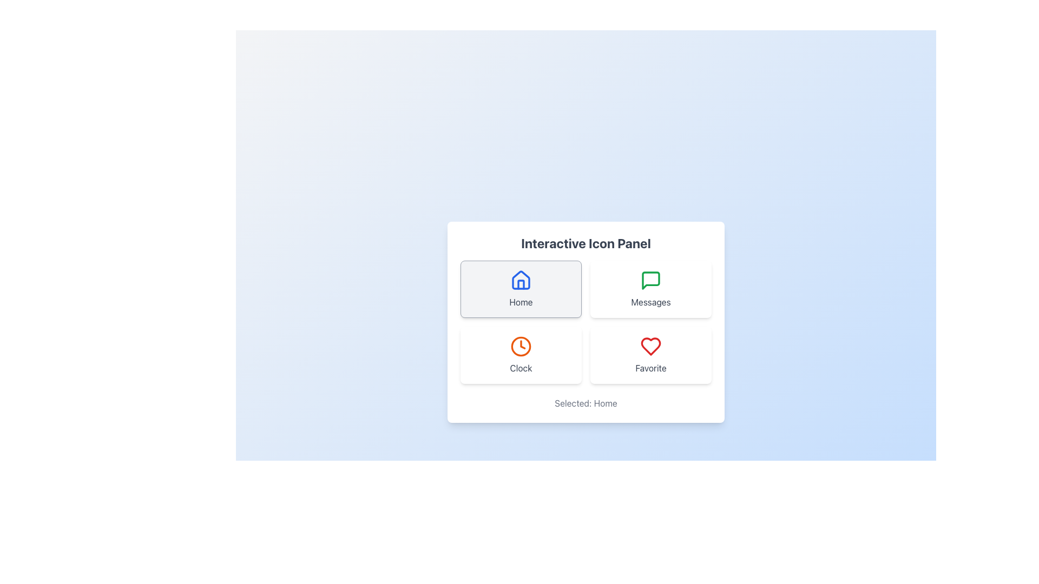 This screenshot has width=1039, height=584. I want to click on the 'Favorite' button, which is styled with a white background, rounded corners, a red heart icon, and gray text, located in the bottom-right corner of the interactive icon panel, so click(650, 355).